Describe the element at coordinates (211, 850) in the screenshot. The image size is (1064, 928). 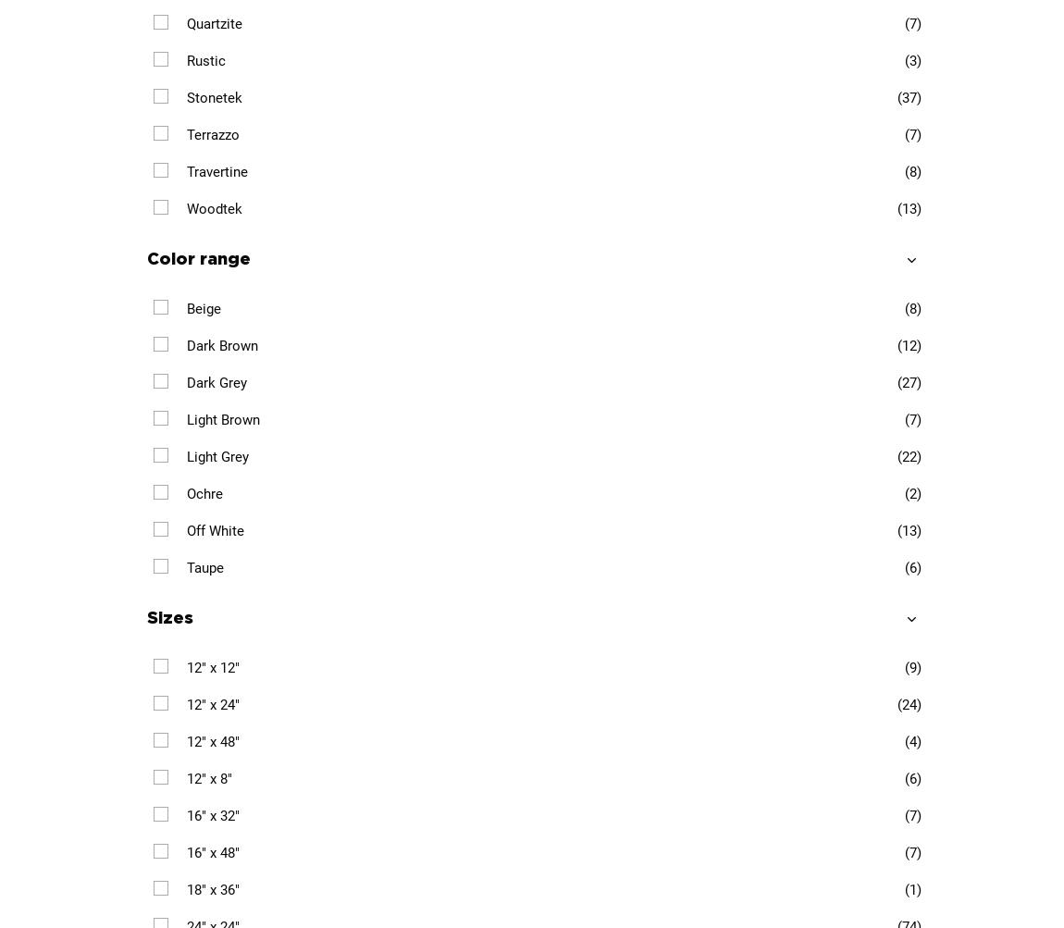
I see `'16" x 48"'` at that location.